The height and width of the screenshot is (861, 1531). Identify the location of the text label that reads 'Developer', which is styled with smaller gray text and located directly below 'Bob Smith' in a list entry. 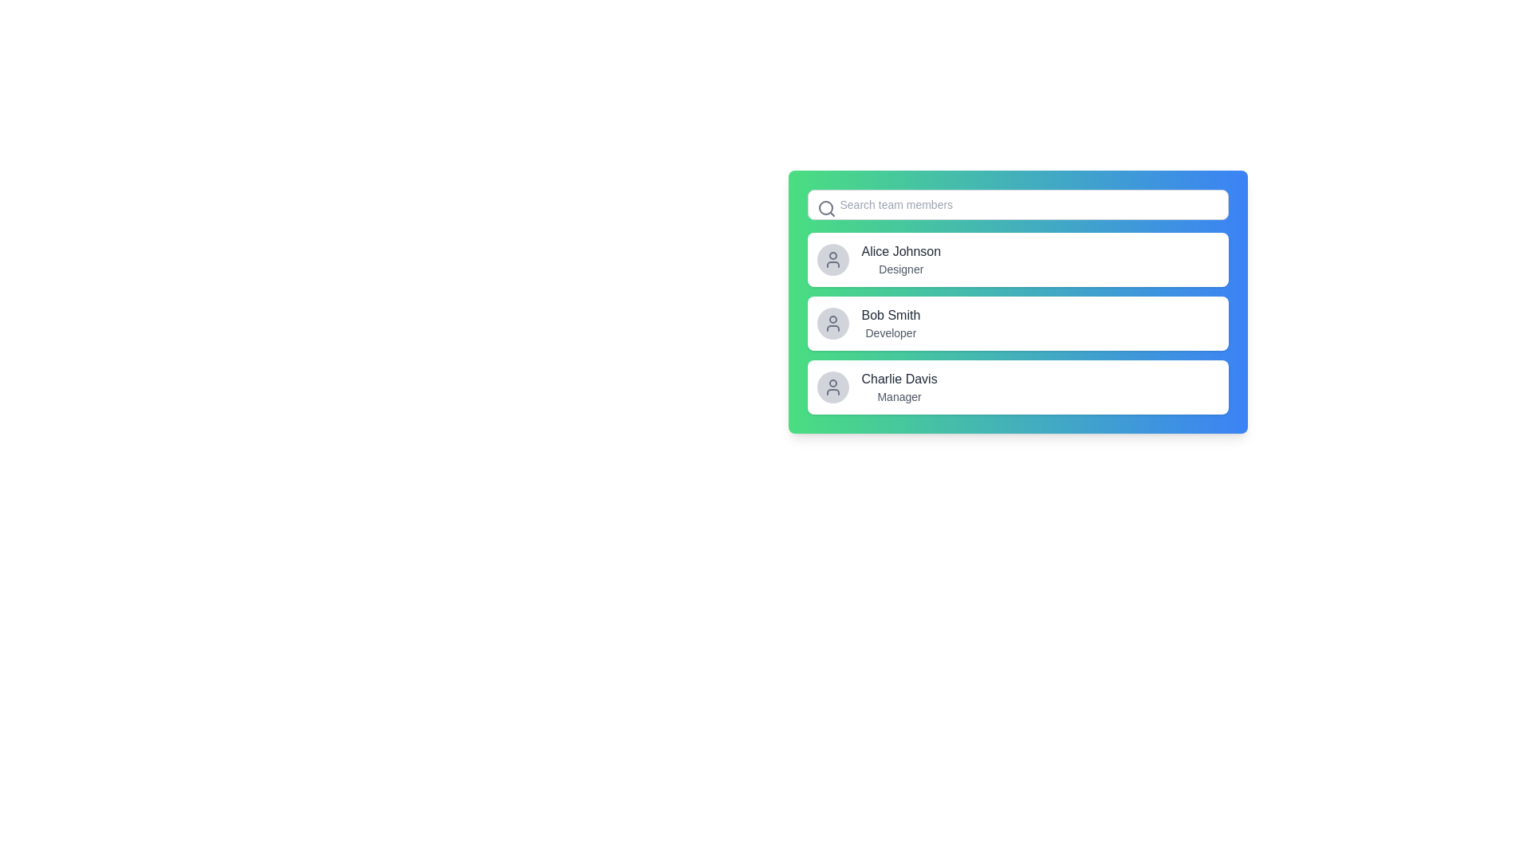
(890, 332).